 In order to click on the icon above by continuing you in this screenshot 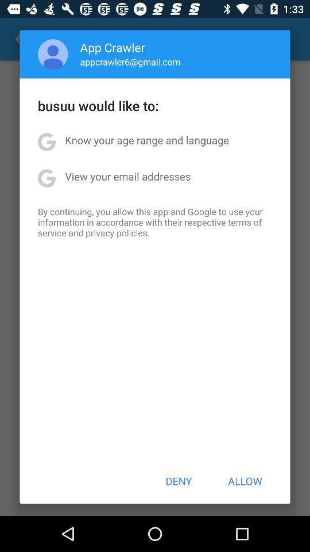, I will do `click(127, 176)`.